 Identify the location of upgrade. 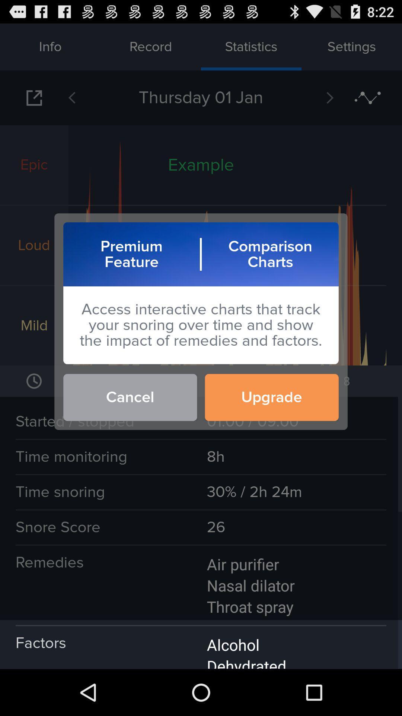
(272, 397).